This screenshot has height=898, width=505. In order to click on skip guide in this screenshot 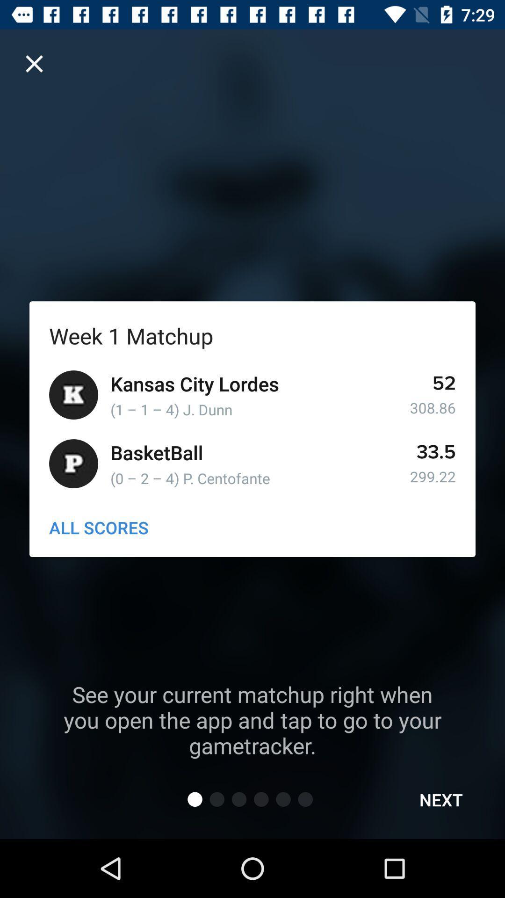, I will do `click(34, 63)`.